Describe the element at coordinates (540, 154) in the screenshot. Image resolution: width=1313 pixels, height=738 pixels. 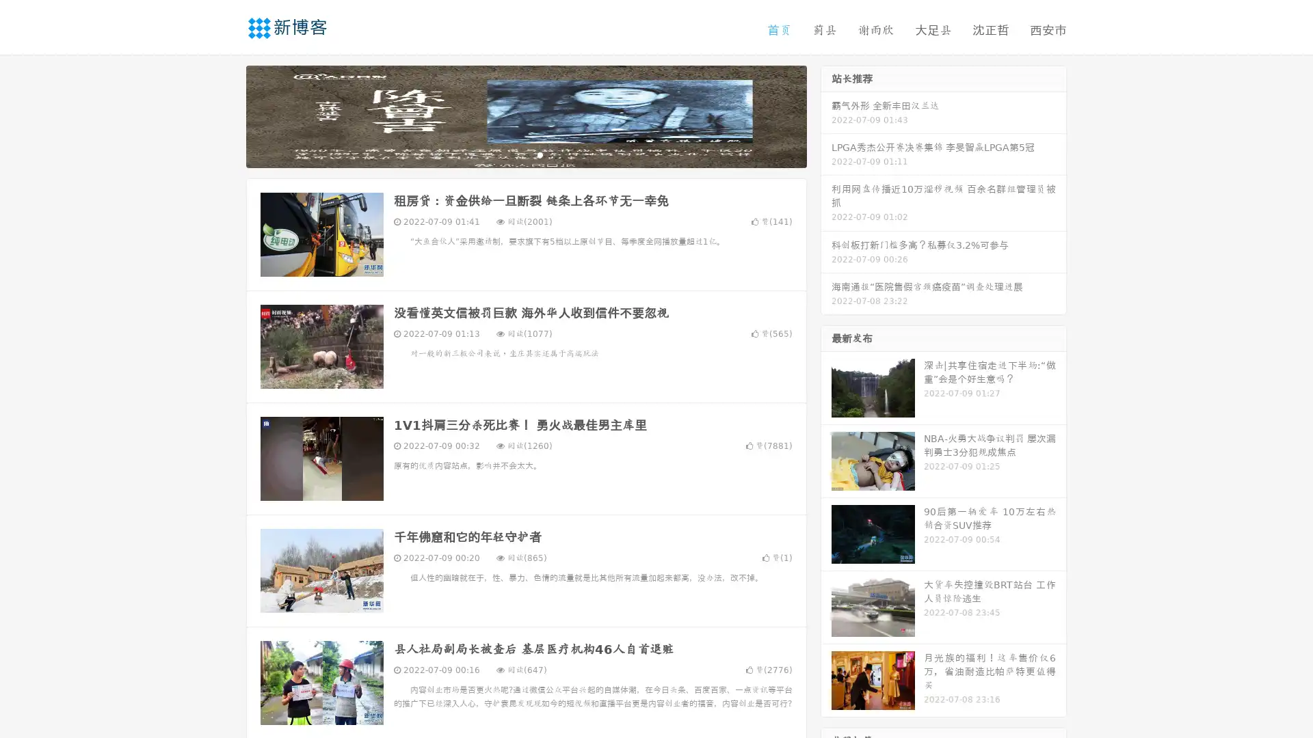
I see `Go to slide 3` at that location.